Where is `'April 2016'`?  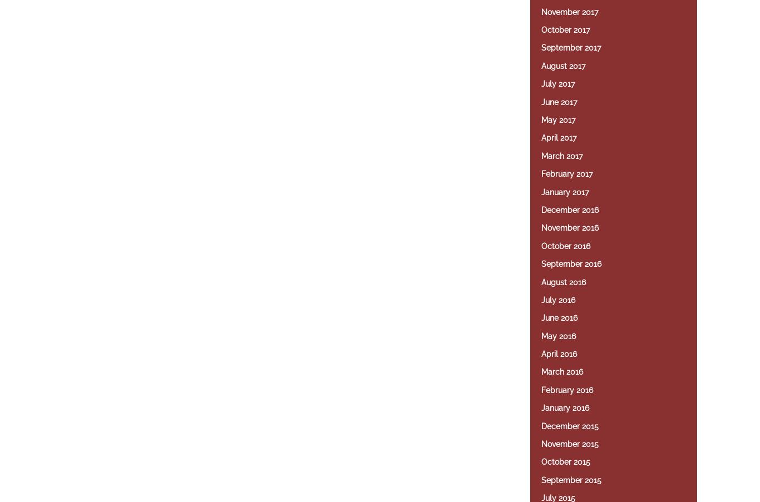 'April 2016' is located at coordinates (559, 354).